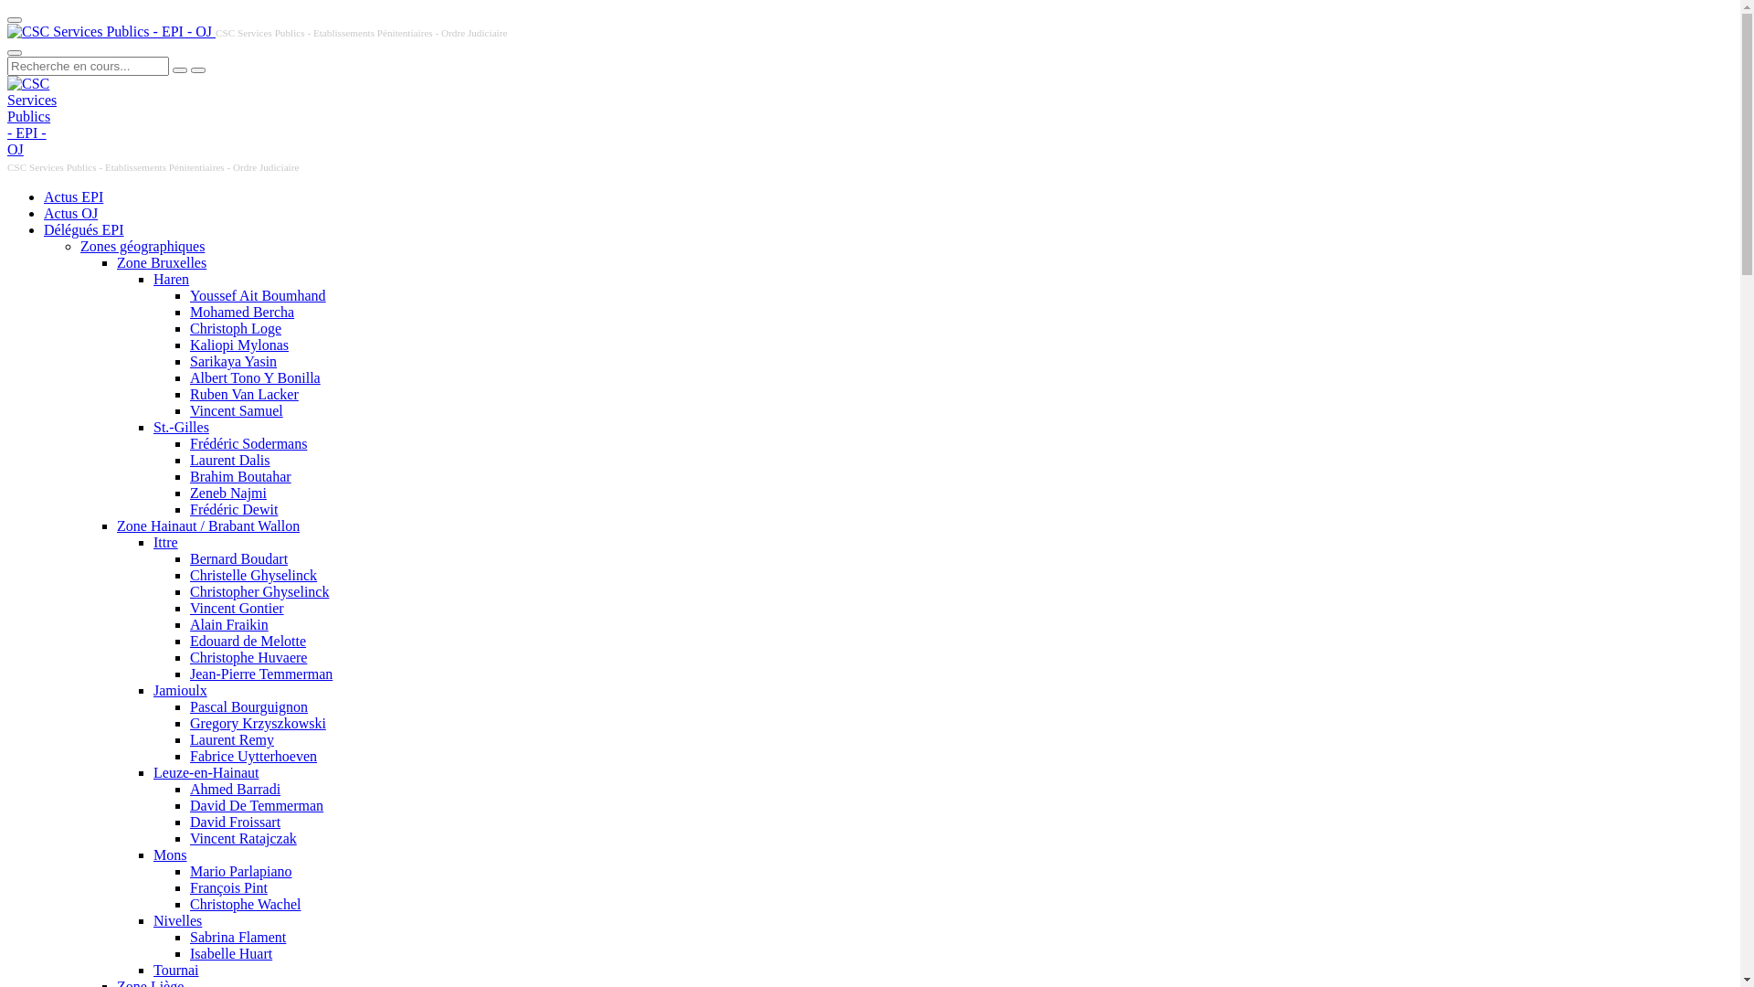 This screenshot has height=987, width=1754. I want to click on 'Alain Fraikin', so click(227, 623).